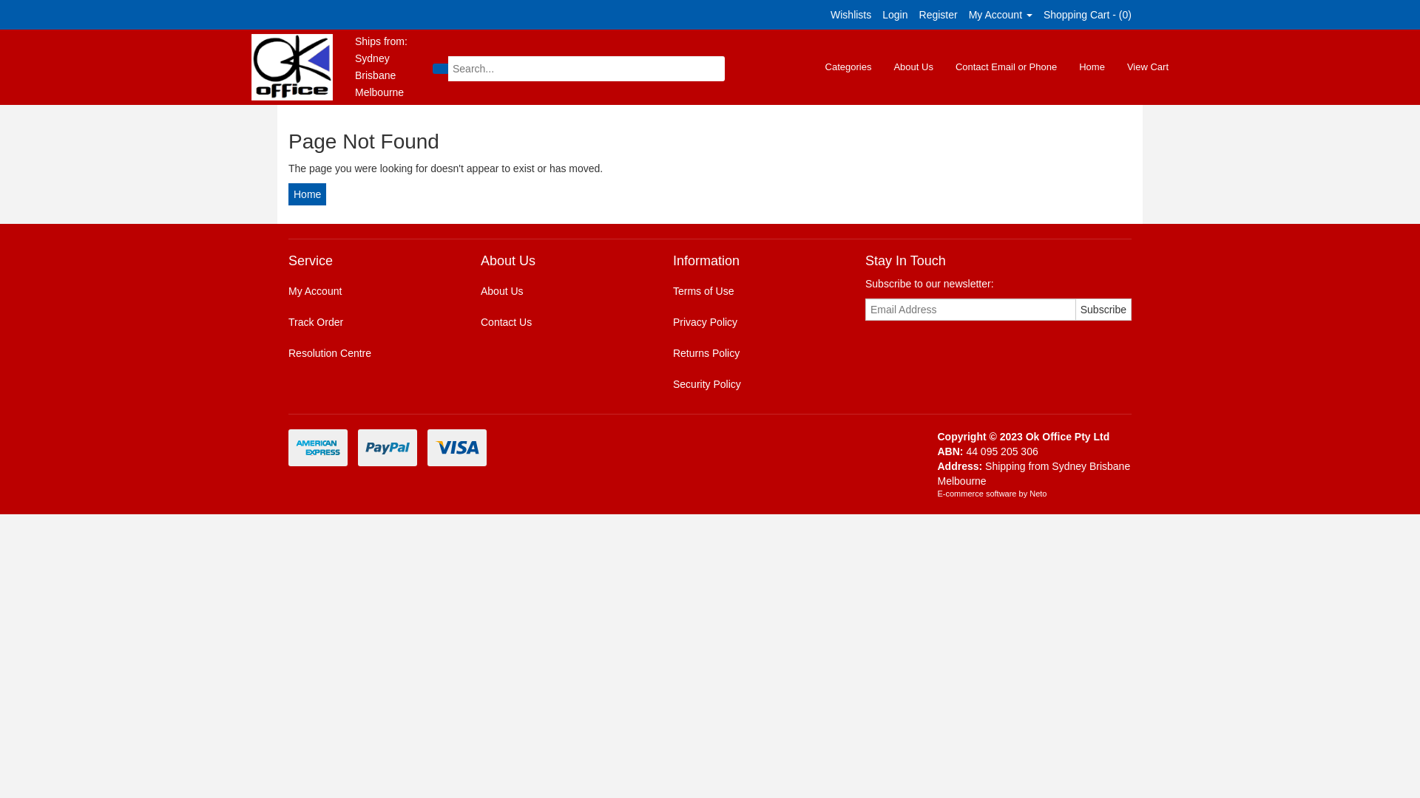 This screenshot has height=798, width=1420. Describe the element at coordinates (1001, 14) in the screenshot. I see `'My Account'` at that location.